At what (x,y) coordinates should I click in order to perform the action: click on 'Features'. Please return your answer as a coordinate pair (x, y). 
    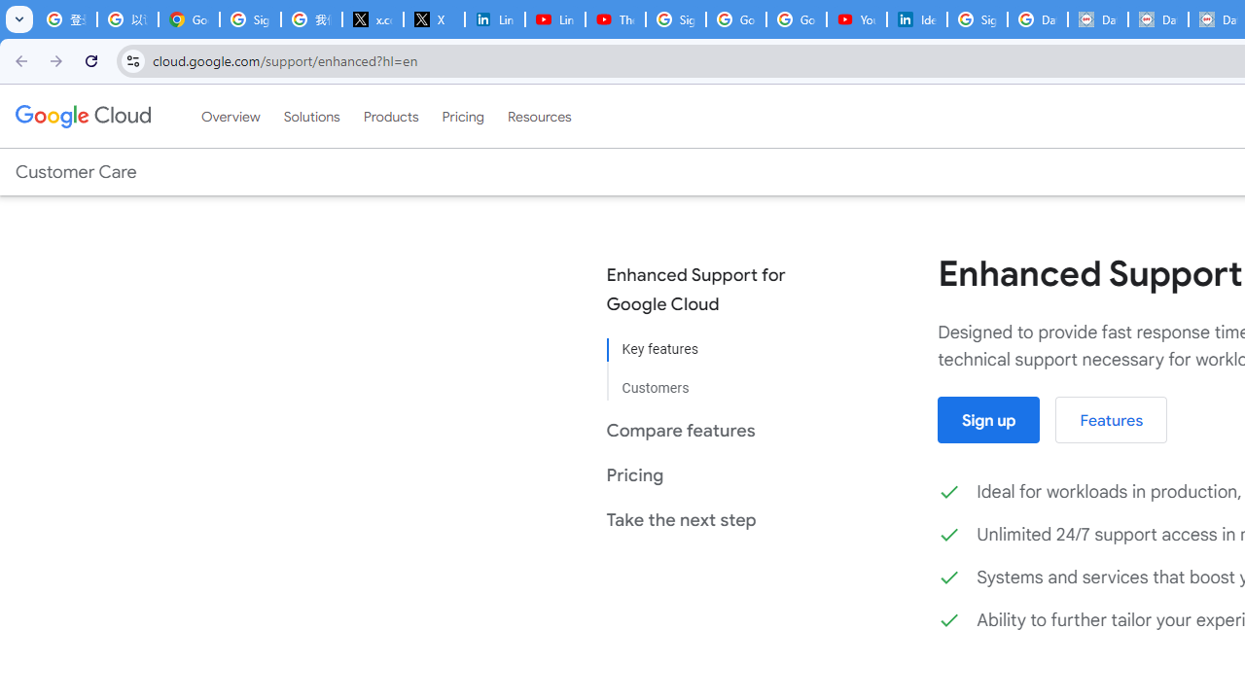
    Looking at the image, I should click on (1112, 419).